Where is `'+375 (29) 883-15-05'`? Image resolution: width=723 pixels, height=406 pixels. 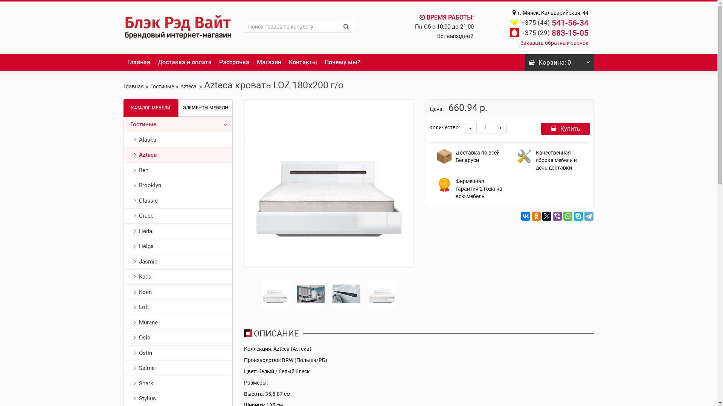 '+375 (29) 883-15-05' is located at coordinates (555, 33).